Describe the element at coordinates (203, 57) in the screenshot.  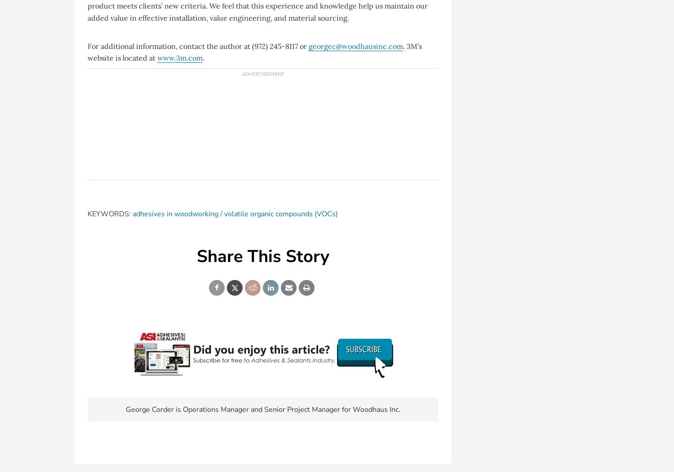
I see `'.'` at that location.